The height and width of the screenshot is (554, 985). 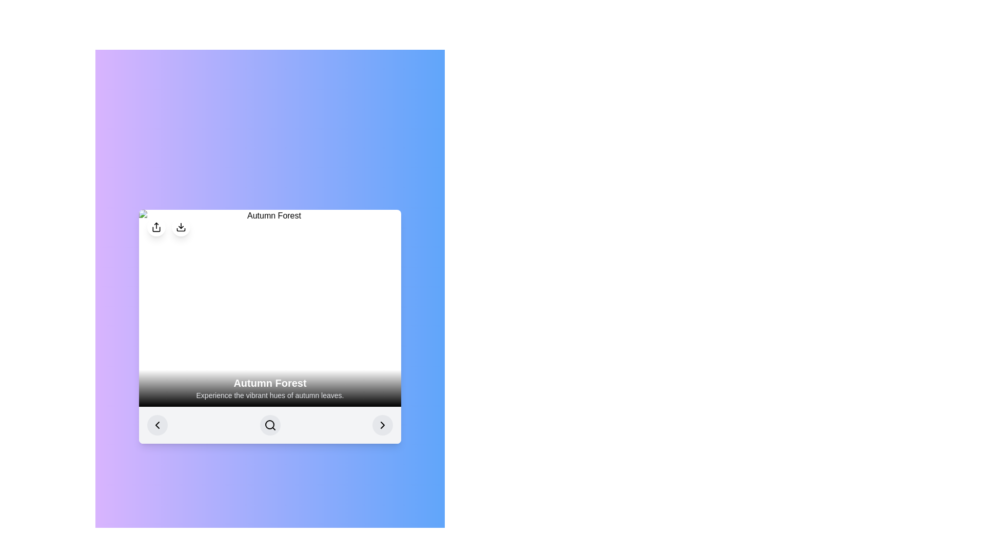 I want to click on the circular button with a light gray background and a left-facing chevron icon, so click(x=157, y=425).